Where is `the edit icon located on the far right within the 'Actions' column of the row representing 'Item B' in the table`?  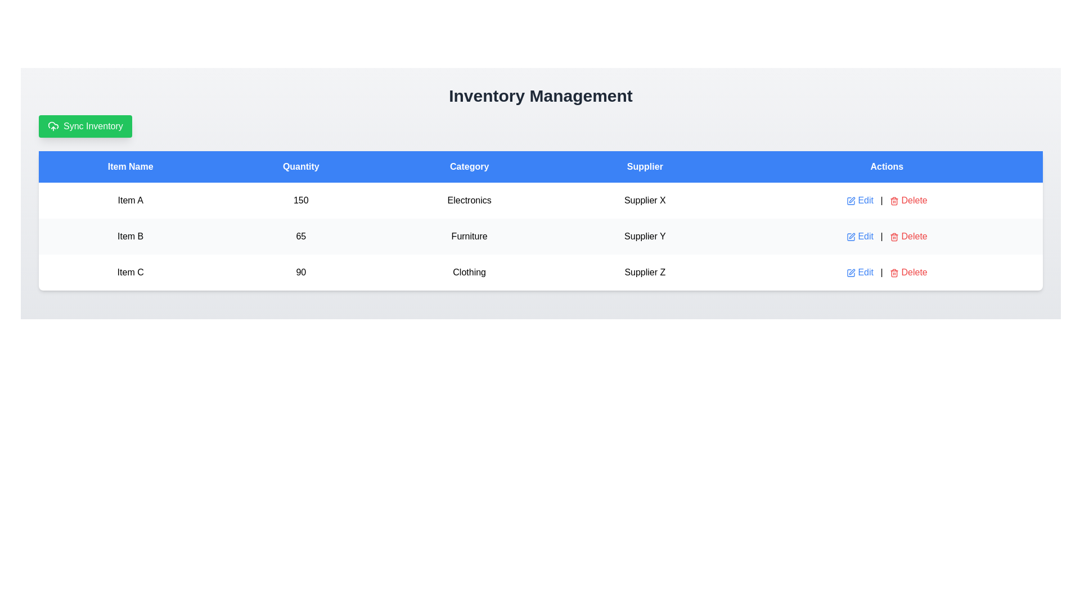
the edit icon located on the far right within the 'Actions' column of the row representing 'Item B' in the table is located at coordinates (852, 235).